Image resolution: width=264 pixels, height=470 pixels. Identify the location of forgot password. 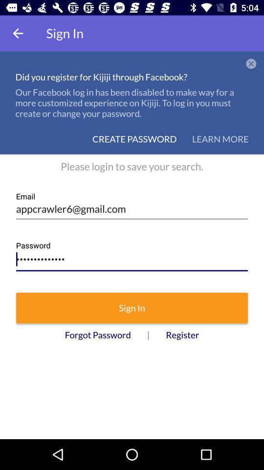
(98, 335).